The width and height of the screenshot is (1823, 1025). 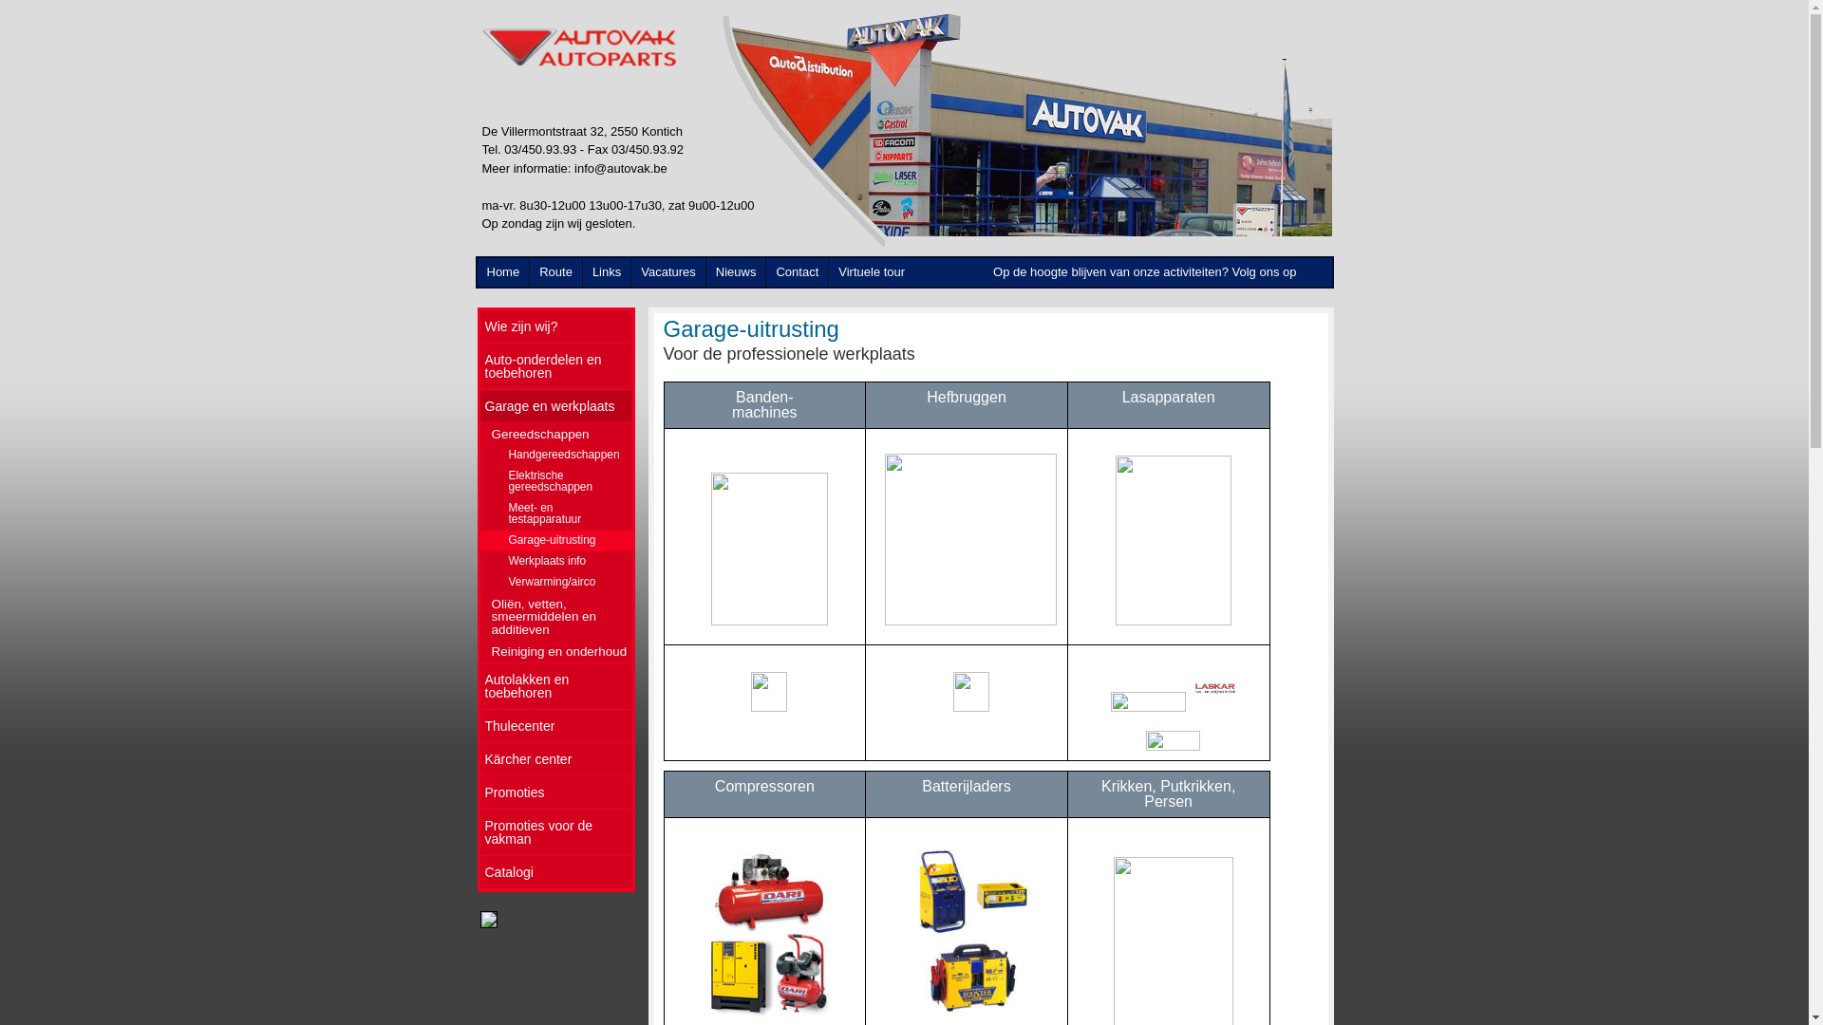 What do you see at coordinates (605, 272) in the screenshot?
I see `'Links'` at bounding box center [605, 272].